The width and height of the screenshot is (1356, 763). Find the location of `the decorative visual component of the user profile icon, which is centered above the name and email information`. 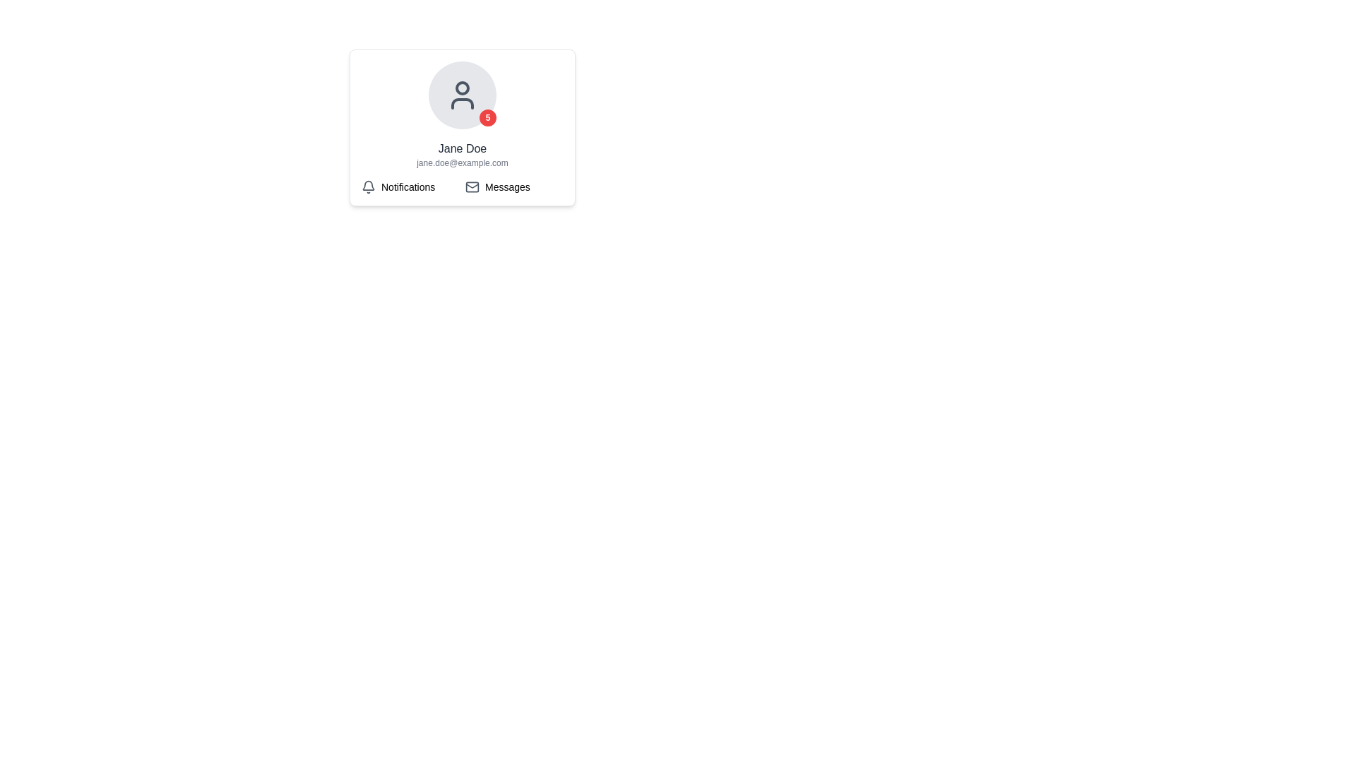

the decorative visual component of the user profile icon, which is centered above the name and email information is located at coordinates (462, 102).